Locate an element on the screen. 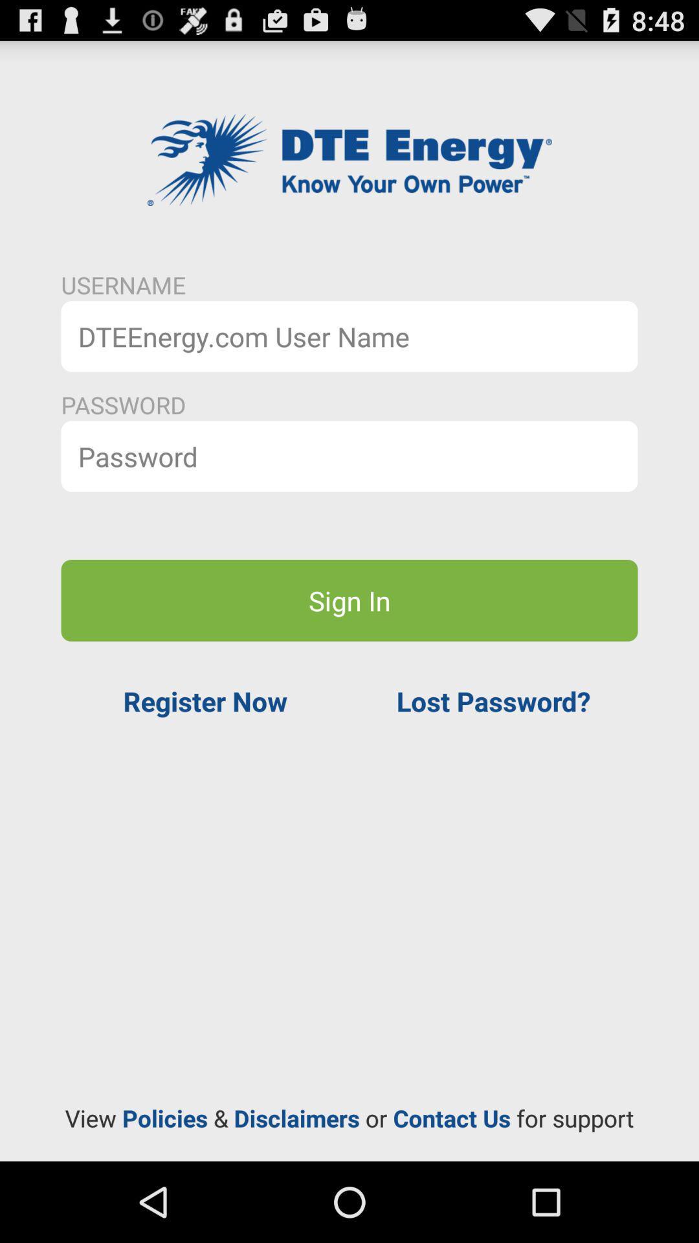  the app on the right is located at coordinates (493, 700).